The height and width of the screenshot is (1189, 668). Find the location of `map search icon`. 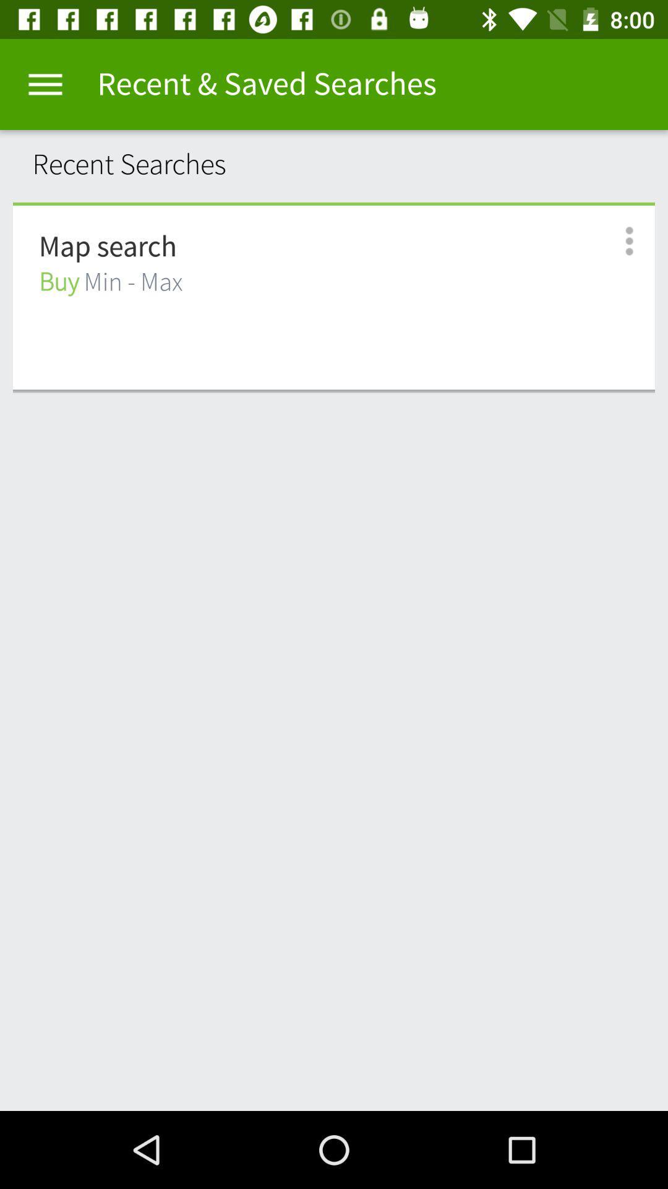

map search icon is located at coordinates (107, 247).